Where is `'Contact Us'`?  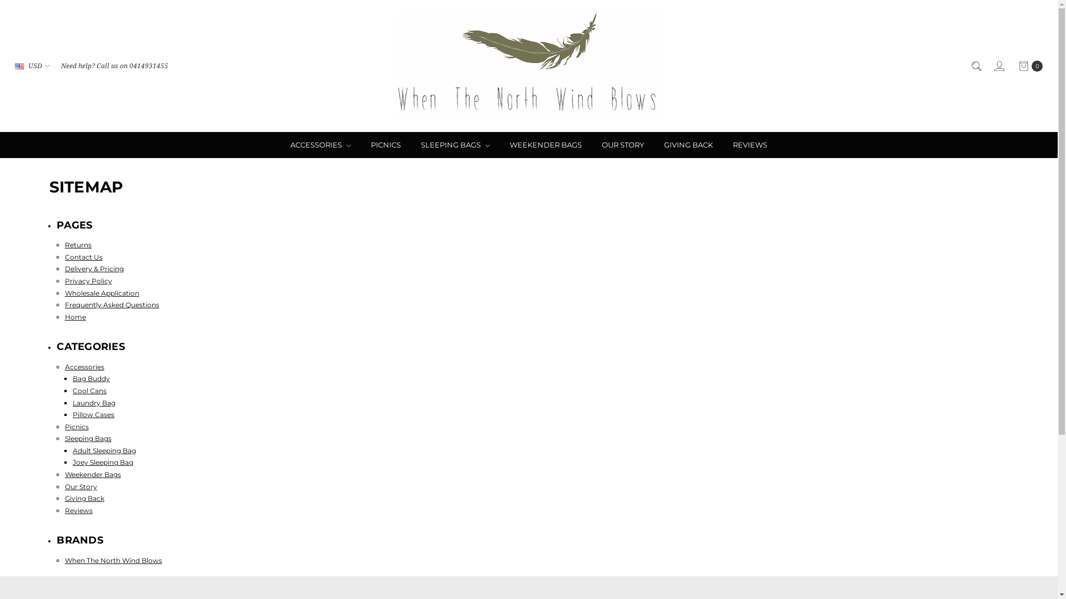 'Contact Us' is located at coordinates (83, 257).